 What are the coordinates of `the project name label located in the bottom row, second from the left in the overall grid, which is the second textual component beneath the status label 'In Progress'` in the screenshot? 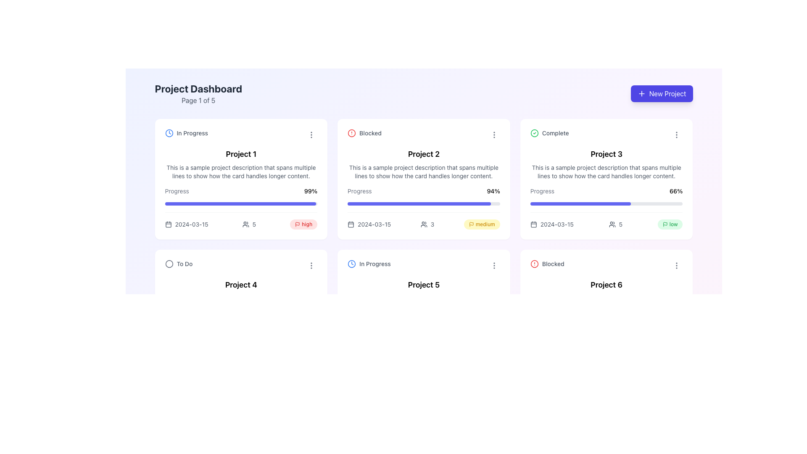 It's located at (424, 285).